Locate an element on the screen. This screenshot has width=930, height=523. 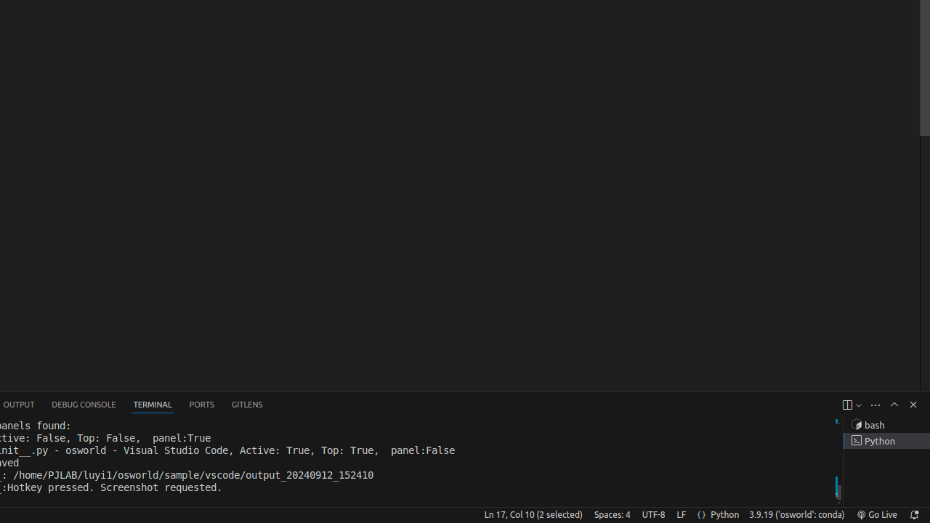
'Editor Language Status: Auto Import Completions: false' is located at coordinates (701, 514).